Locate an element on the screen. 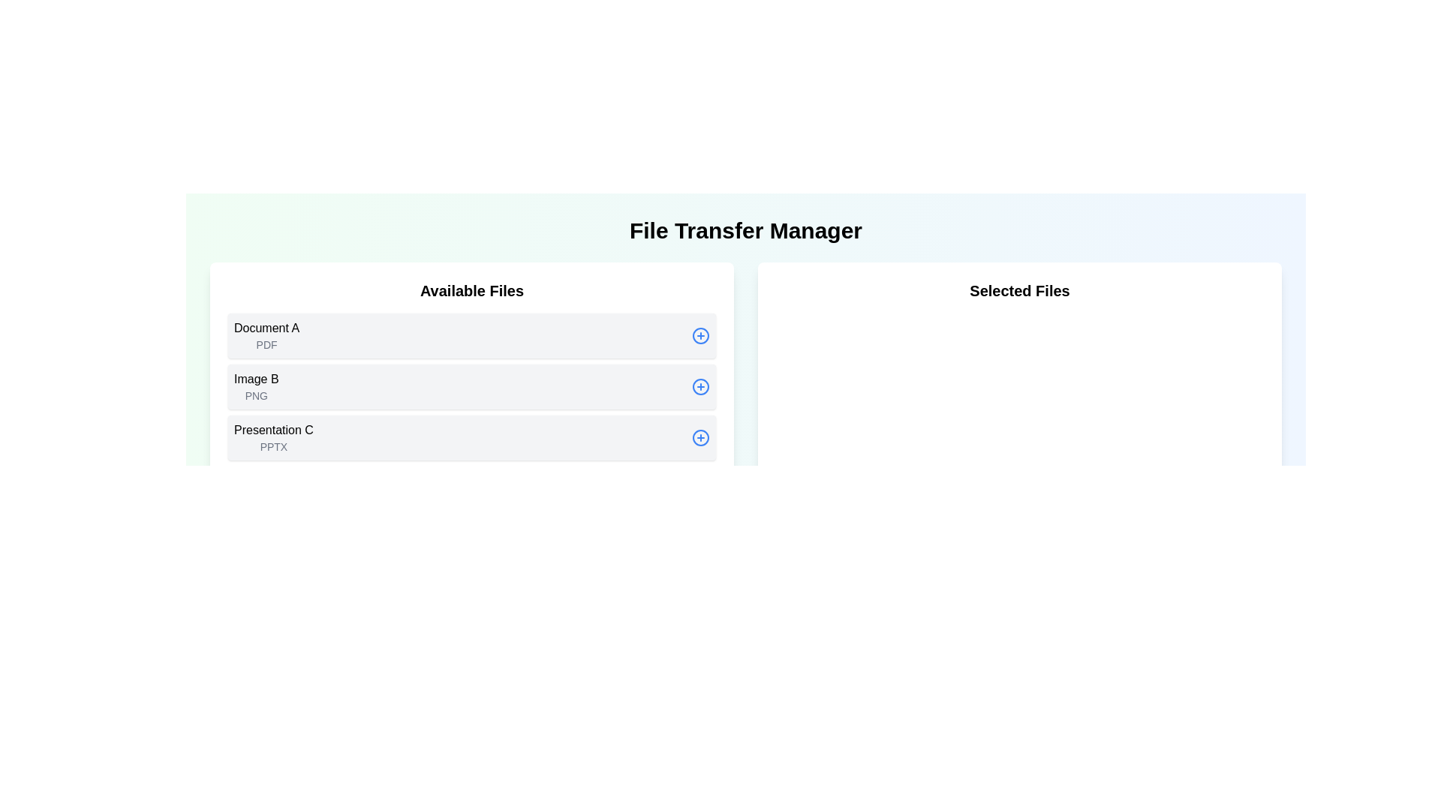 The height and width of the screenshot is (810, 1441). the circular graphic symbol within the blue-bordered plus icon located to the right of the 'Image B' file entry in the 'Available Files' list section is located at coordinates (700, 386).